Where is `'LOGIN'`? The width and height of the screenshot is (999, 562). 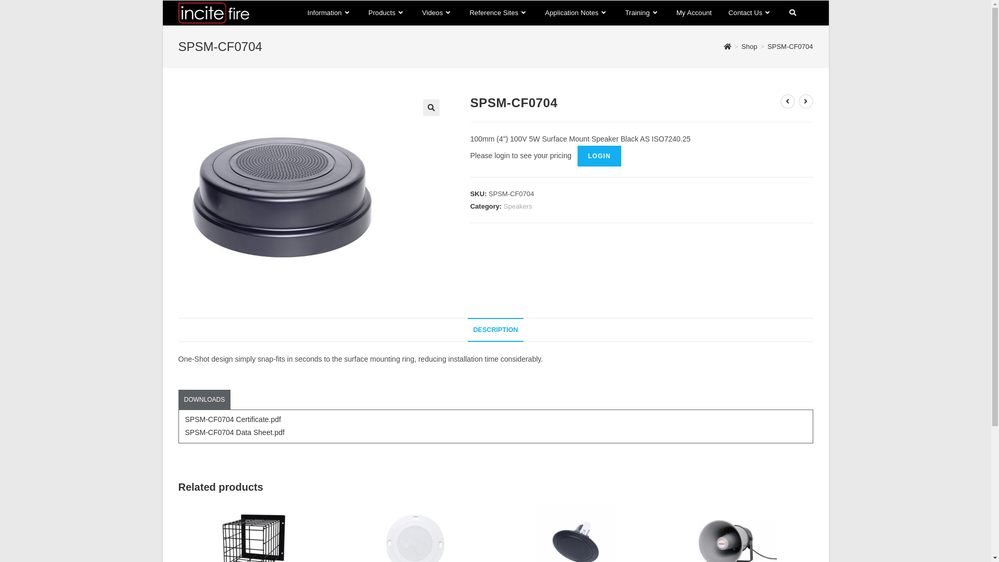 'LOGIN' is located at coordinates (599, 156).